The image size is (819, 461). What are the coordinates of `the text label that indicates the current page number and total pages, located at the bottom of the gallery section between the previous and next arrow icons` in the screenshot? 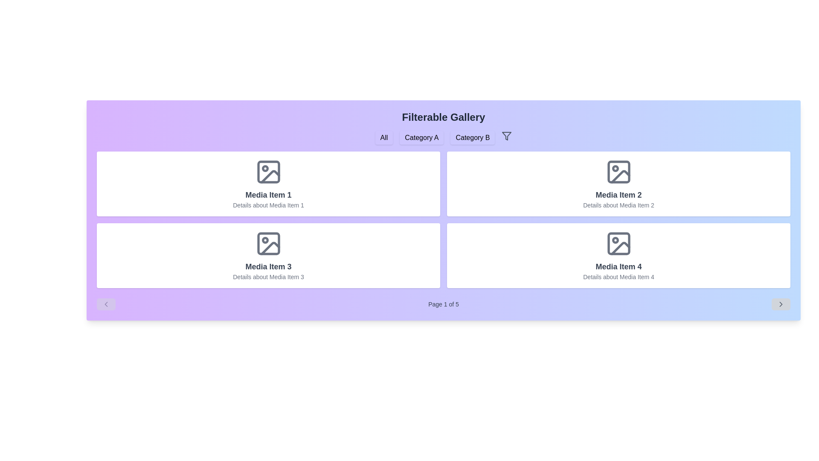 It's located at (444, 304).